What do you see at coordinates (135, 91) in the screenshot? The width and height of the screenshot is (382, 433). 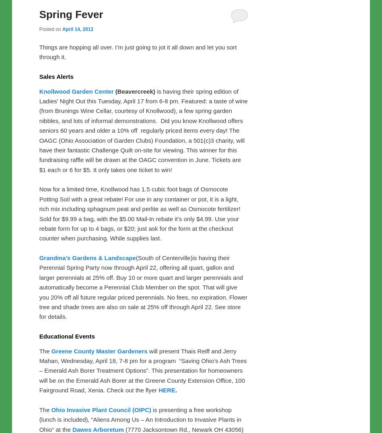 I see `'(Beavercreek)'` at bounding box center [135, 91].